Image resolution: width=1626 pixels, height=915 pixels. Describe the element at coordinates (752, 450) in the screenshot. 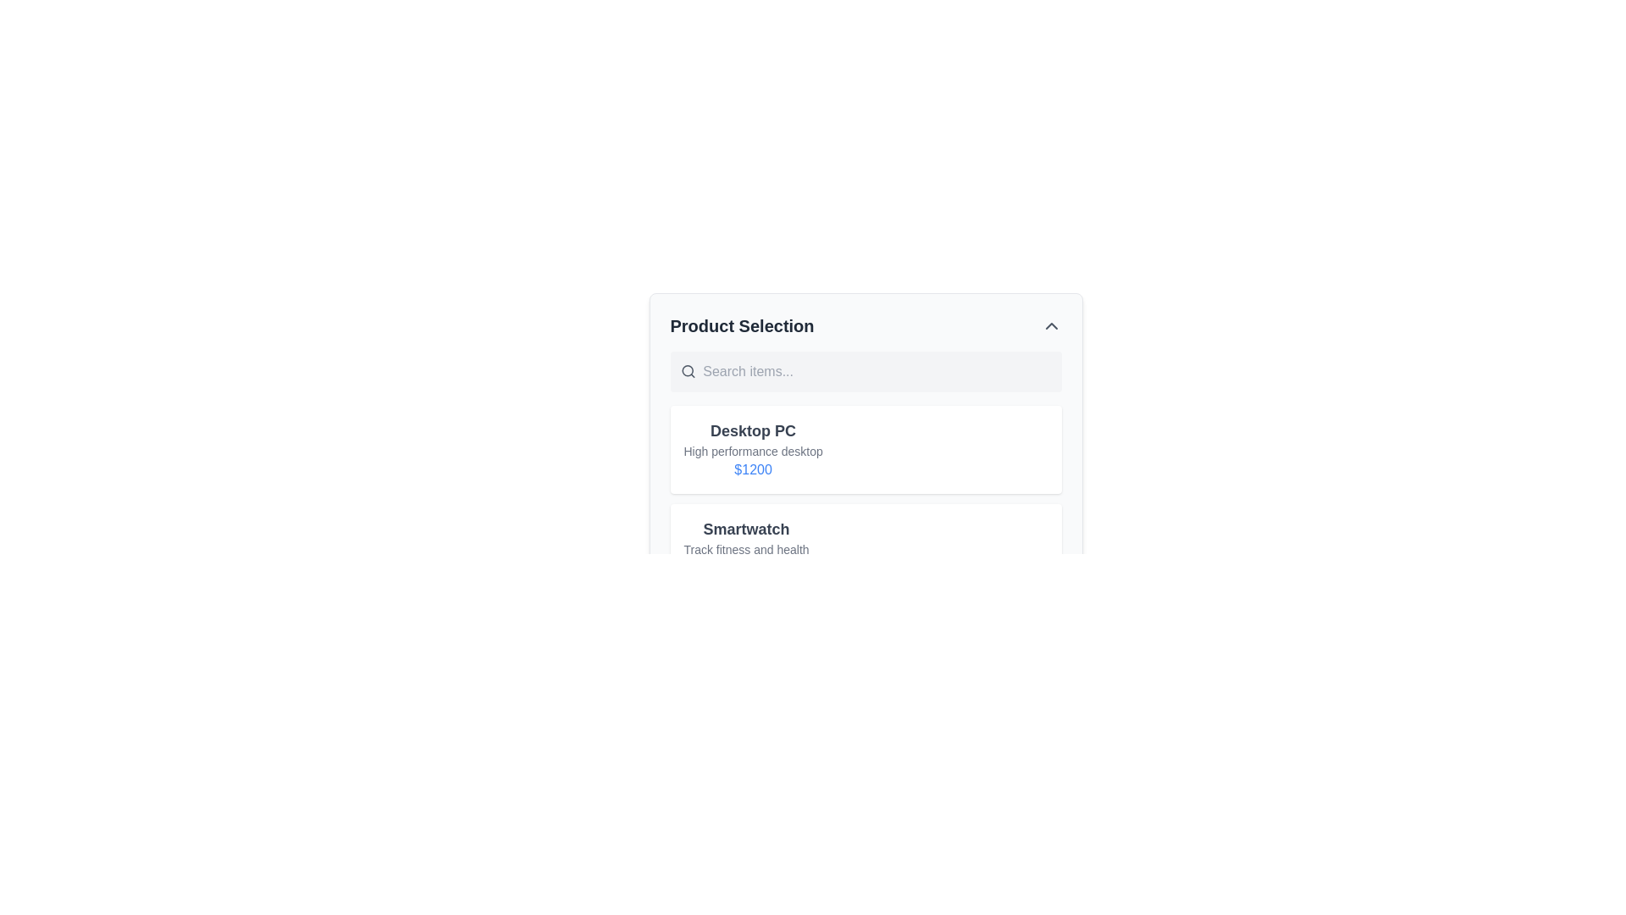

I see `the text label providing additional descriptive detail about the item titled 'Desktop PC', which is positioned beneath the title and above the price text '$1200'` at that location.